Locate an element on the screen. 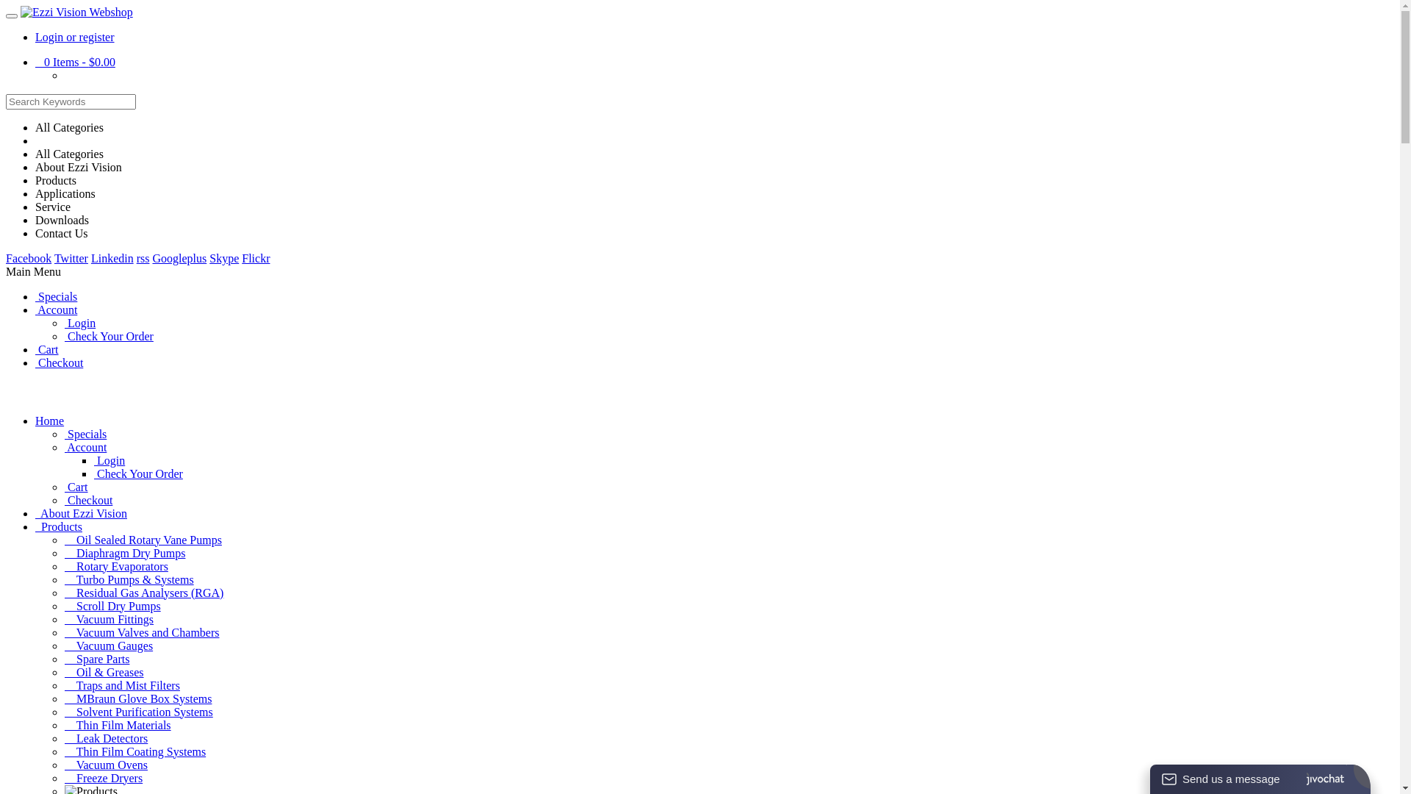  'All Categories' is located at coordinates (35, 126).